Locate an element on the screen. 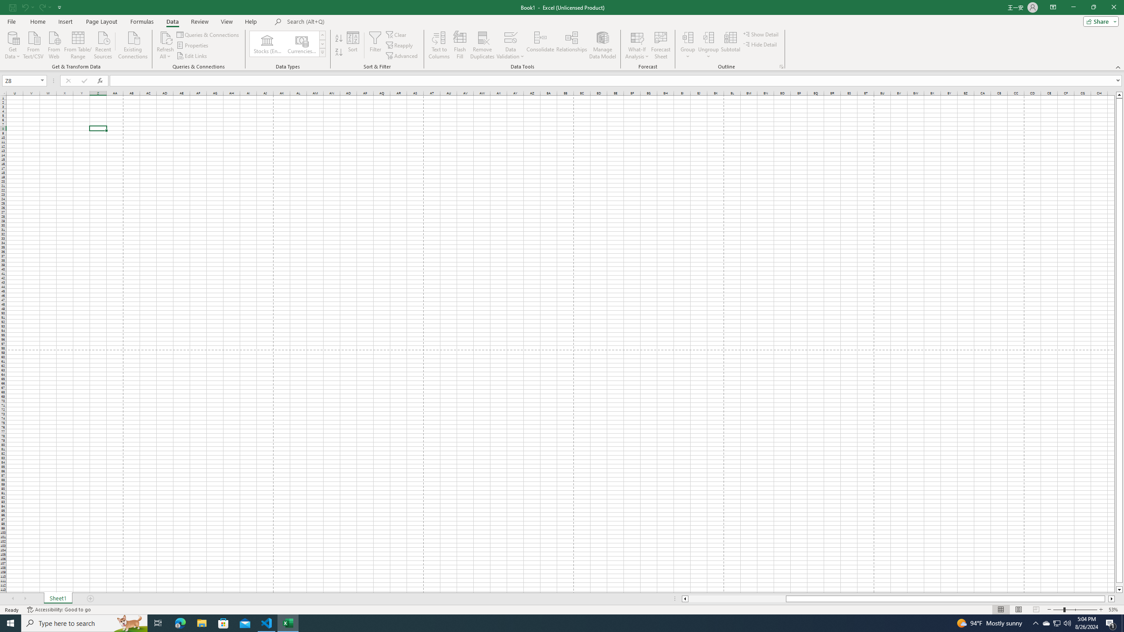  'Reapply' is located at coordinates (400, 45).